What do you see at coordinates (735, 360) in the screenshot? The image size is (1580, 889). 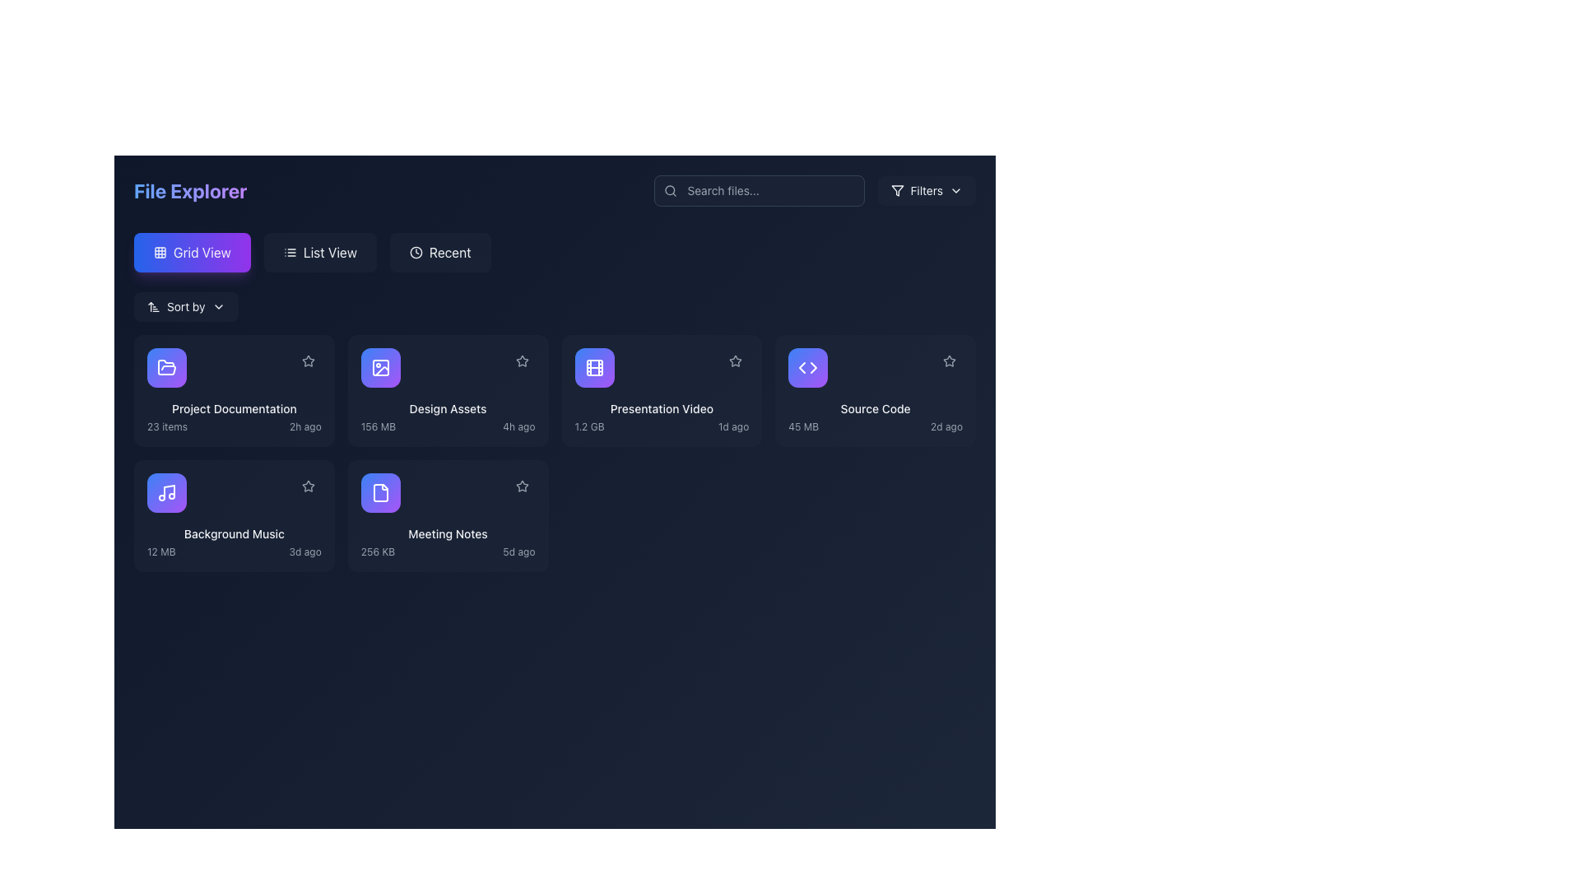 I see `the favorite button located at the top-right corner of the 'Presentation Video' file card to mark it as a favorite` at bounding box center [735, 360].